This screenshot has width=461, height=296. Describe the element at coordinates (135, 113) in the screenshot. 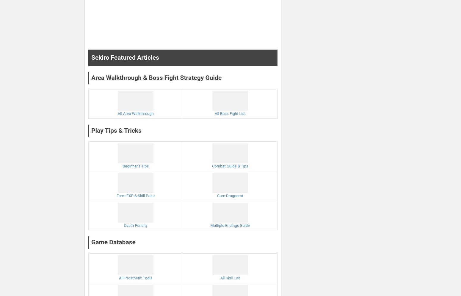

I see `'All Area Walkthrough'` at that location.